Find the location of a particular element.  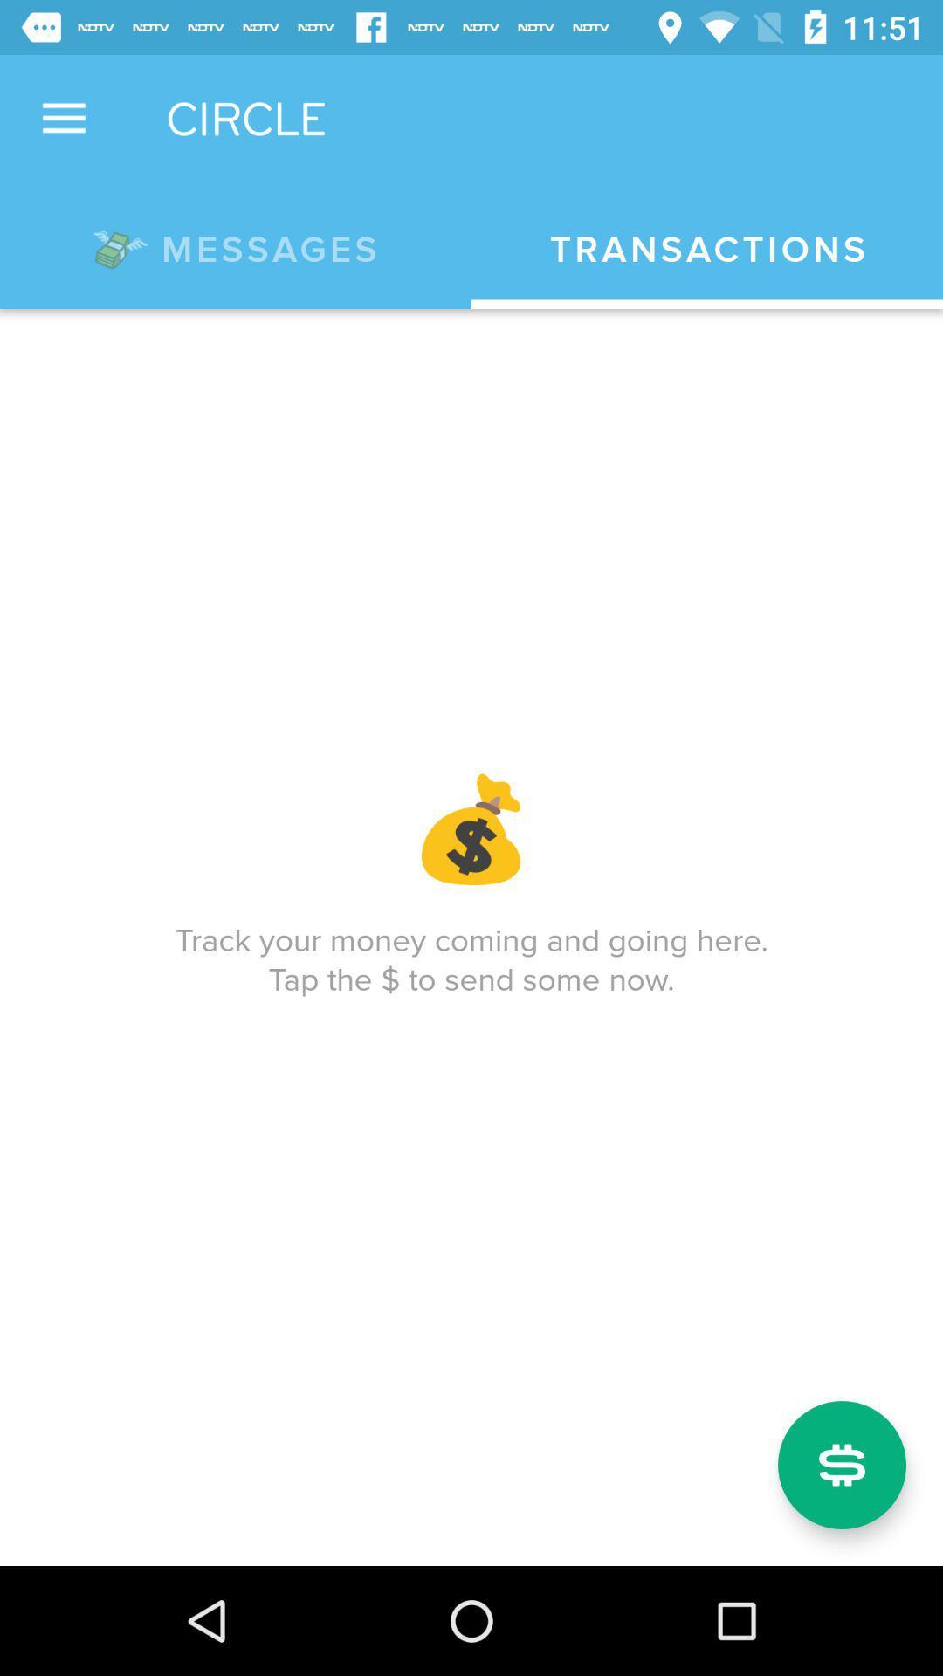

the icon to the left of transactions is located at coordinates (236, 245).